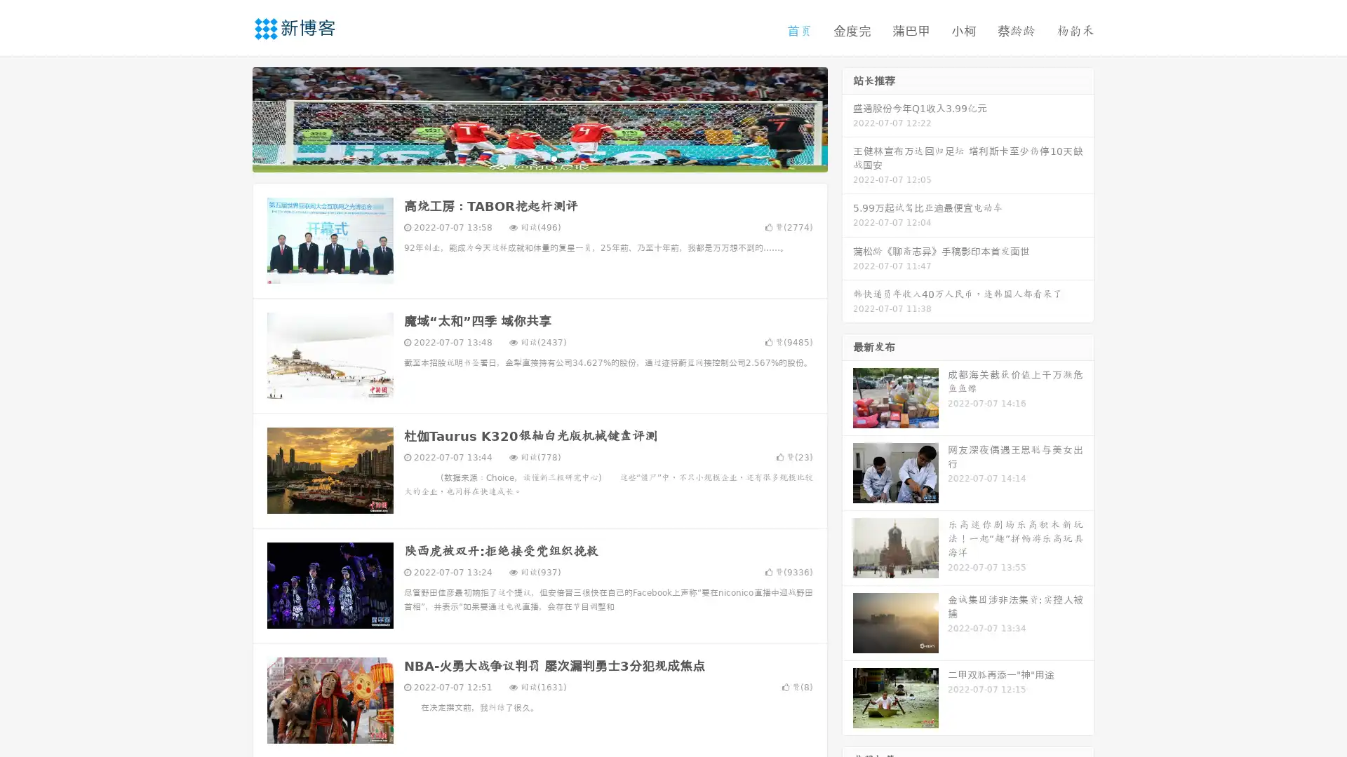 The width and height of the screenshot is (1347, 757). Describe the element at coordinates (847, 118) in the screenshot. I see `Next slide` at that location.